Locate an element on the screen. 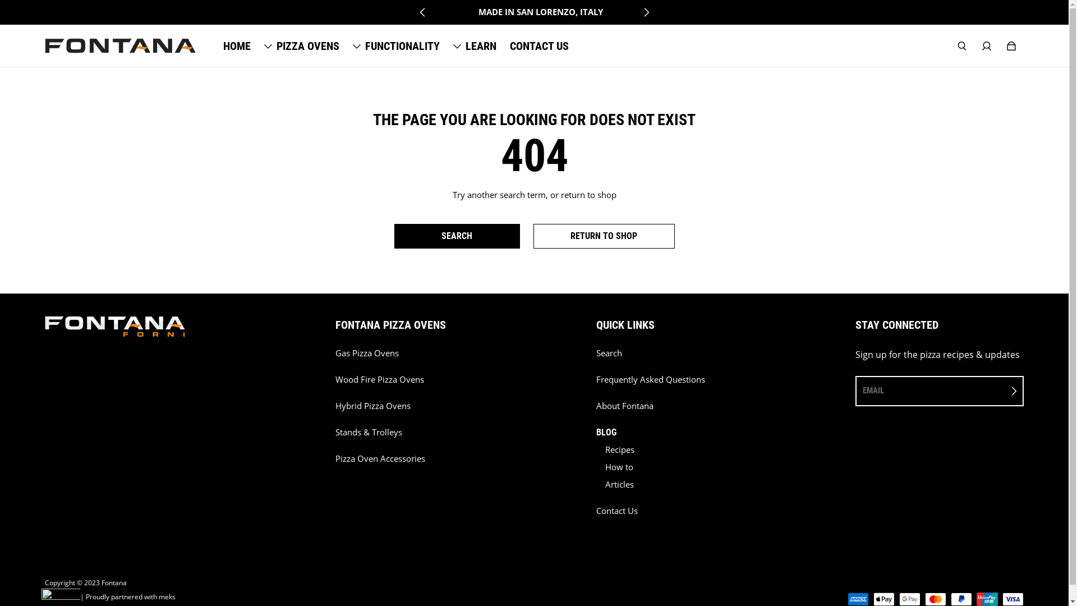 Image resolution: width=1077 pixels, height=606 pixels. 'RETURN TO SHOP' is located at coordinates (603, 235).